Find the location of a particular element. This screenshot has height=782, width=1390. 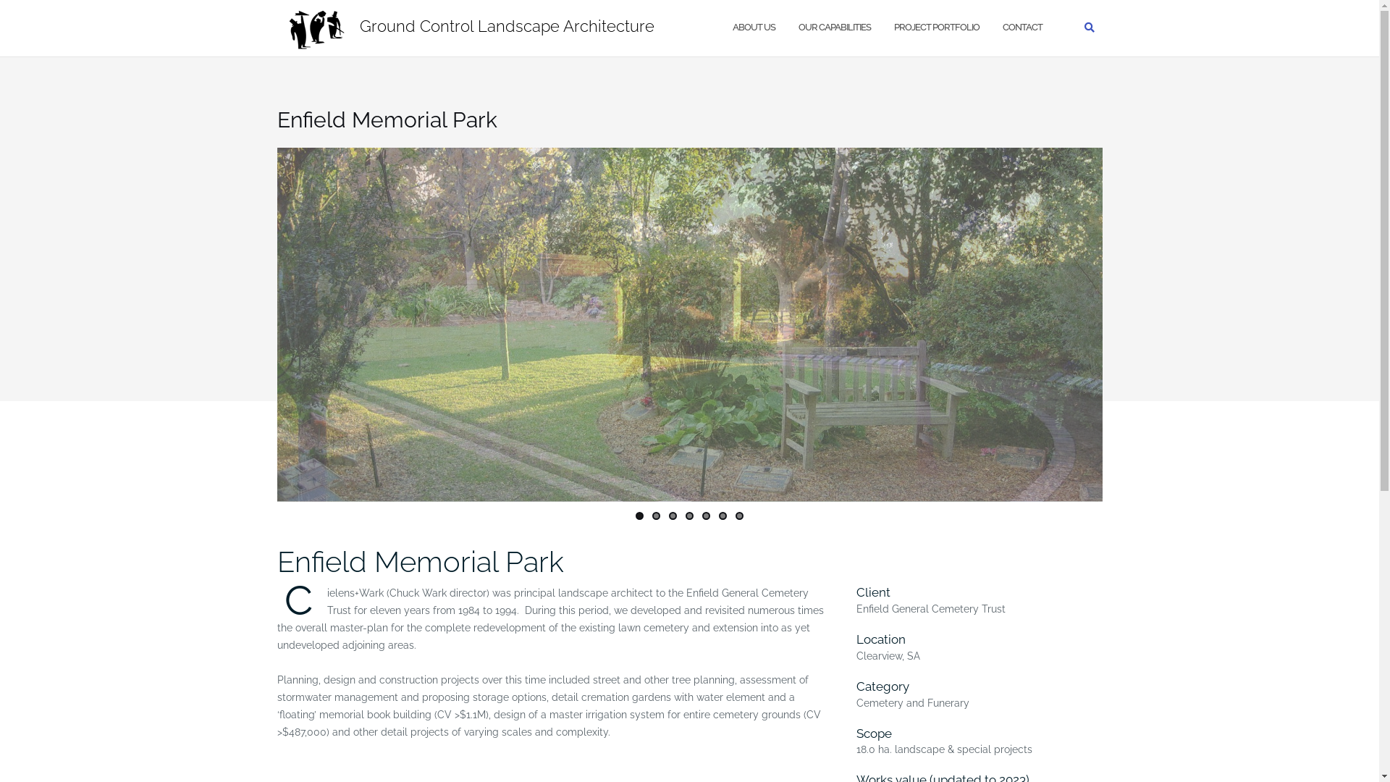

'2' is located at coordinates (655, 515).